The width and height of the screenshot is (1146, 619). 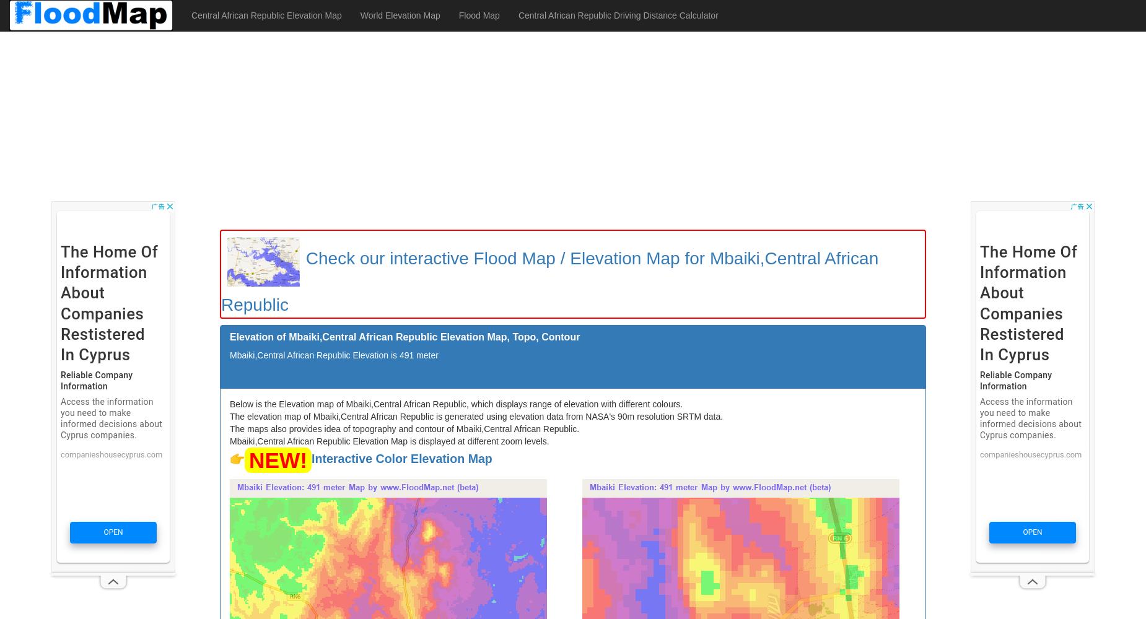 I want to click on 'Central African Republic Elevation Map', so click(x=265, y=15).